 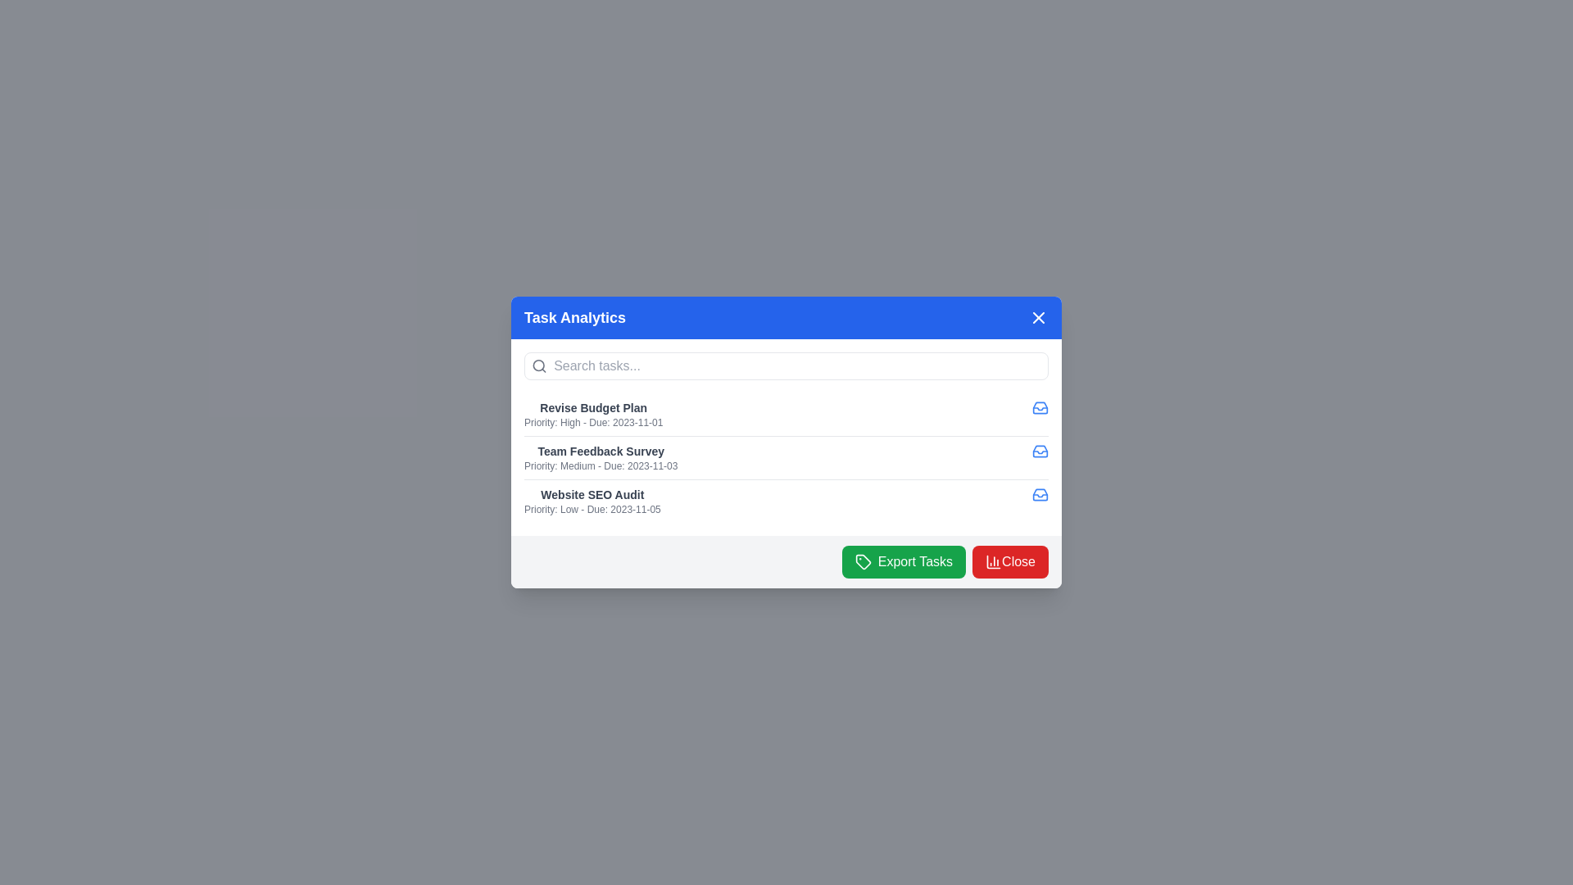 What do you see at coordinates (862, 561) in the screenshot?
I see `the tag-shaped icon with a green background located at the bottom-left corner of the dialog box next to the 'Export Tasks' button` at bounding box center [862, 561].